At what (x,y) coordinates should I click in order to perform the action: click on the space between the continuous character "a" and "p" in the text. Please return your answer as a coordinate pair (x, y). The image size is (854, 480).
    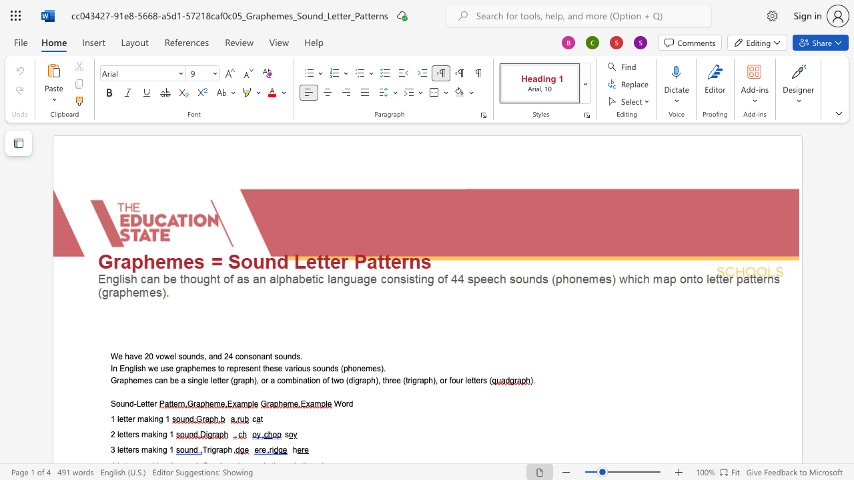
    Looking at the image, I should click on (186, 368).